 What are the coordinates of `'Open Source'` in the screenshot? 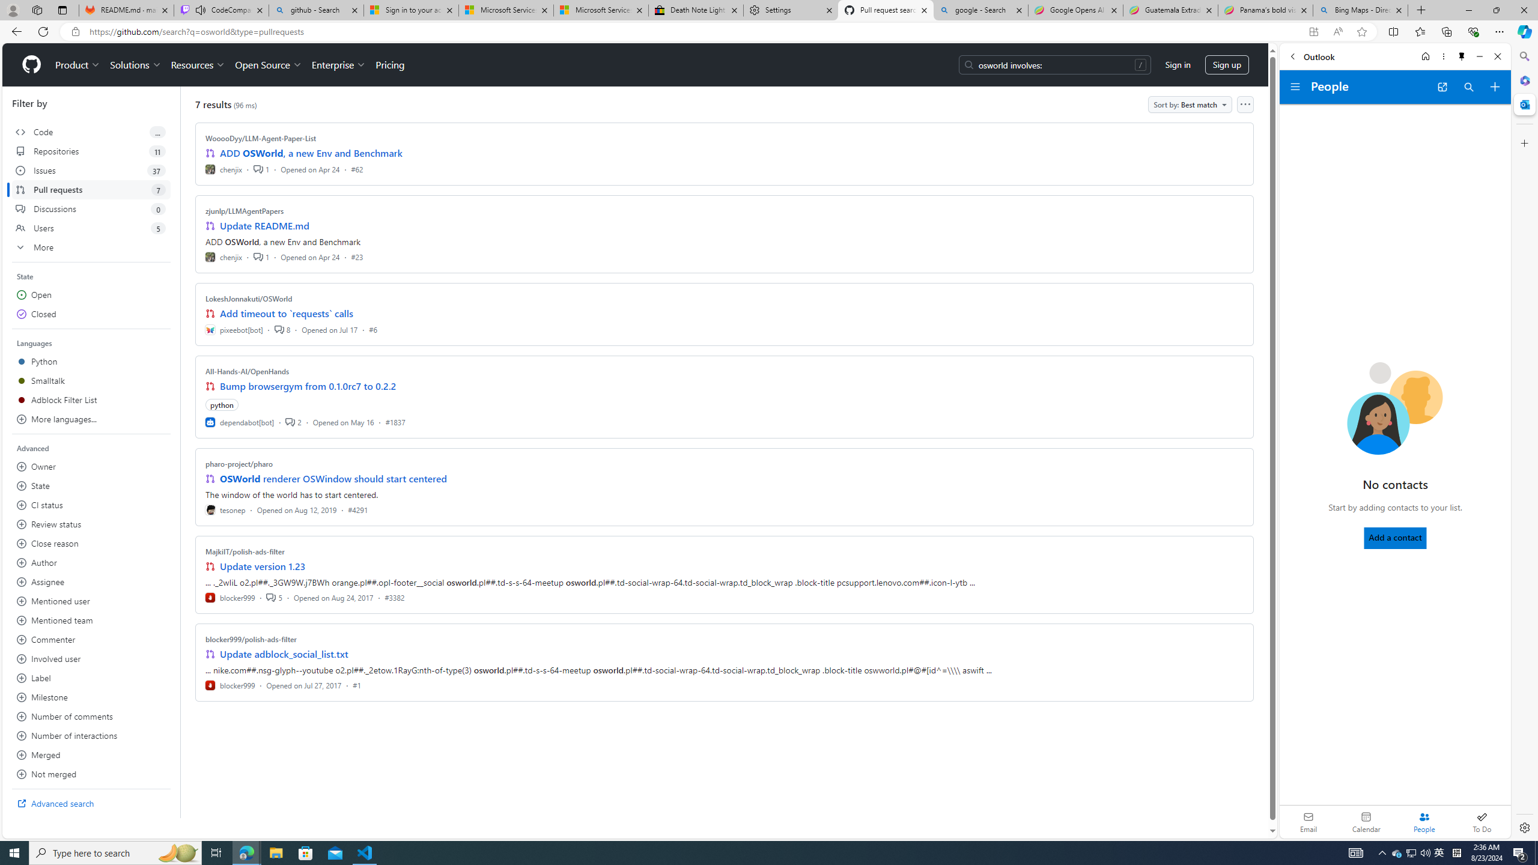 It's located at (269, 64).